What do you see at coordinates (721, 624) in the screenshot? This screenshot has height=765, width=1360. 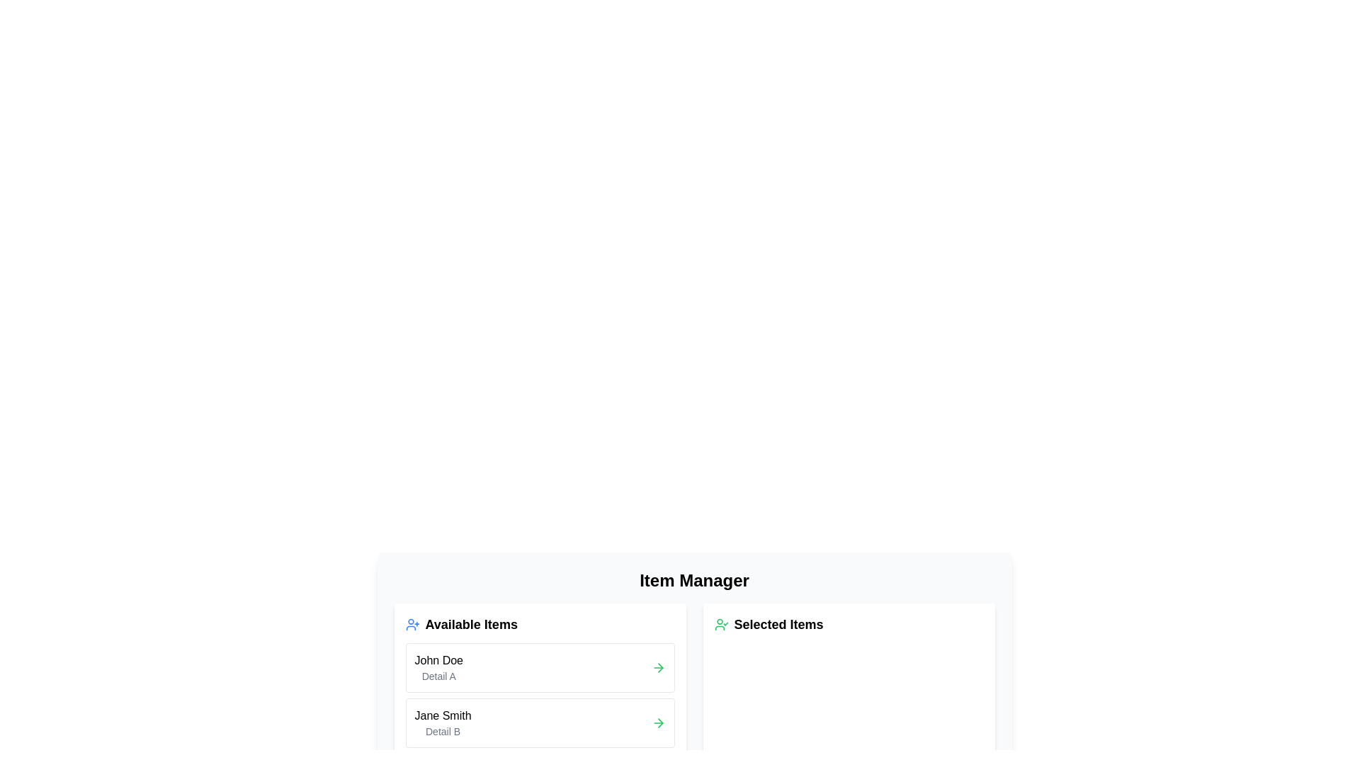 I see `the user icon with a checkmark located to the left of the 'Selected Items' text, which is styled in a modern, outlined design and is green, indicating success or confirmation` at bounding box center [721, 624].